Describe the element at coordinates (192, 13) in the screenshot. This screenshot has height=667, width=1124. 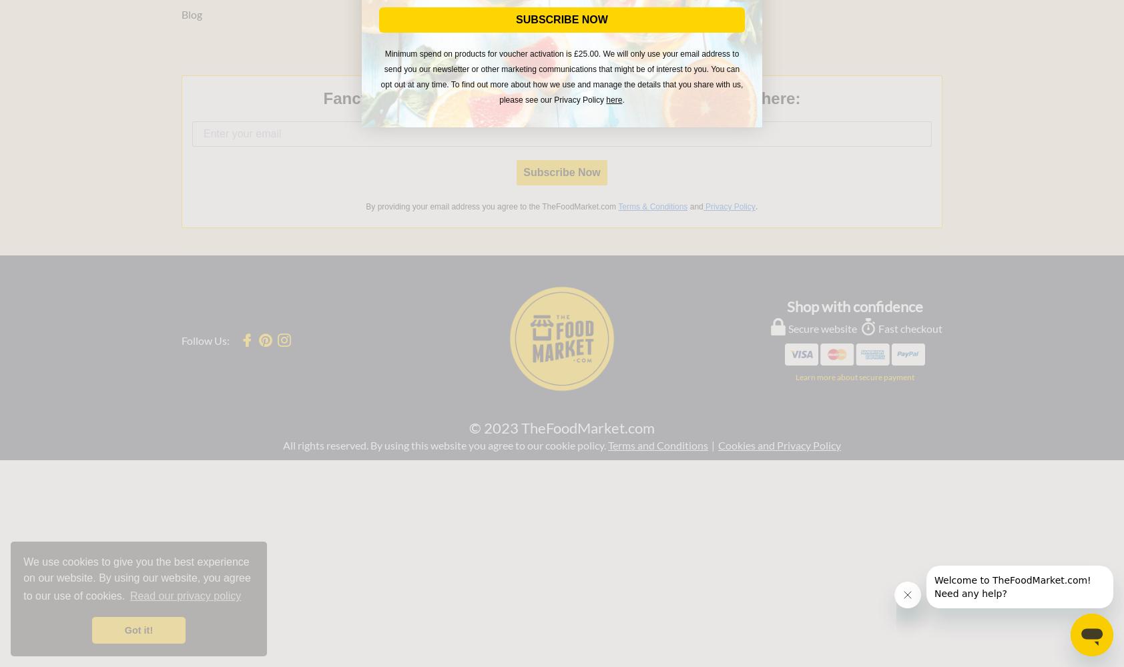
I see `'Blog'` at that location.